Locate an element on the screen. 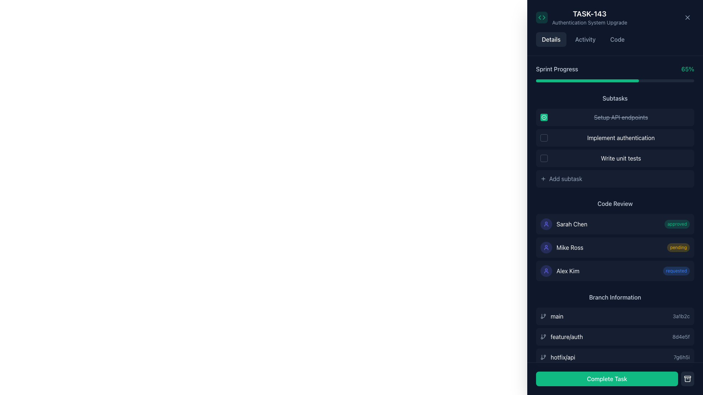 Image resolution: width=703 pixels, height=395 pixels. the topmost text label indicating the primary development branch in the 'Branch Information' section on the right panel is located at coordinates (557, 316).